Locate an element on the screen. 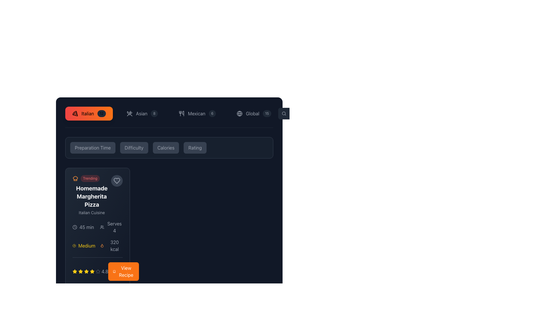 This screenshot has height=313, width=557. preparation time displayed by the clock icon labeled '45 min' in muted gray color, located in the top-left quadrant of the recipe card layout is located at coordinates (84, 227).